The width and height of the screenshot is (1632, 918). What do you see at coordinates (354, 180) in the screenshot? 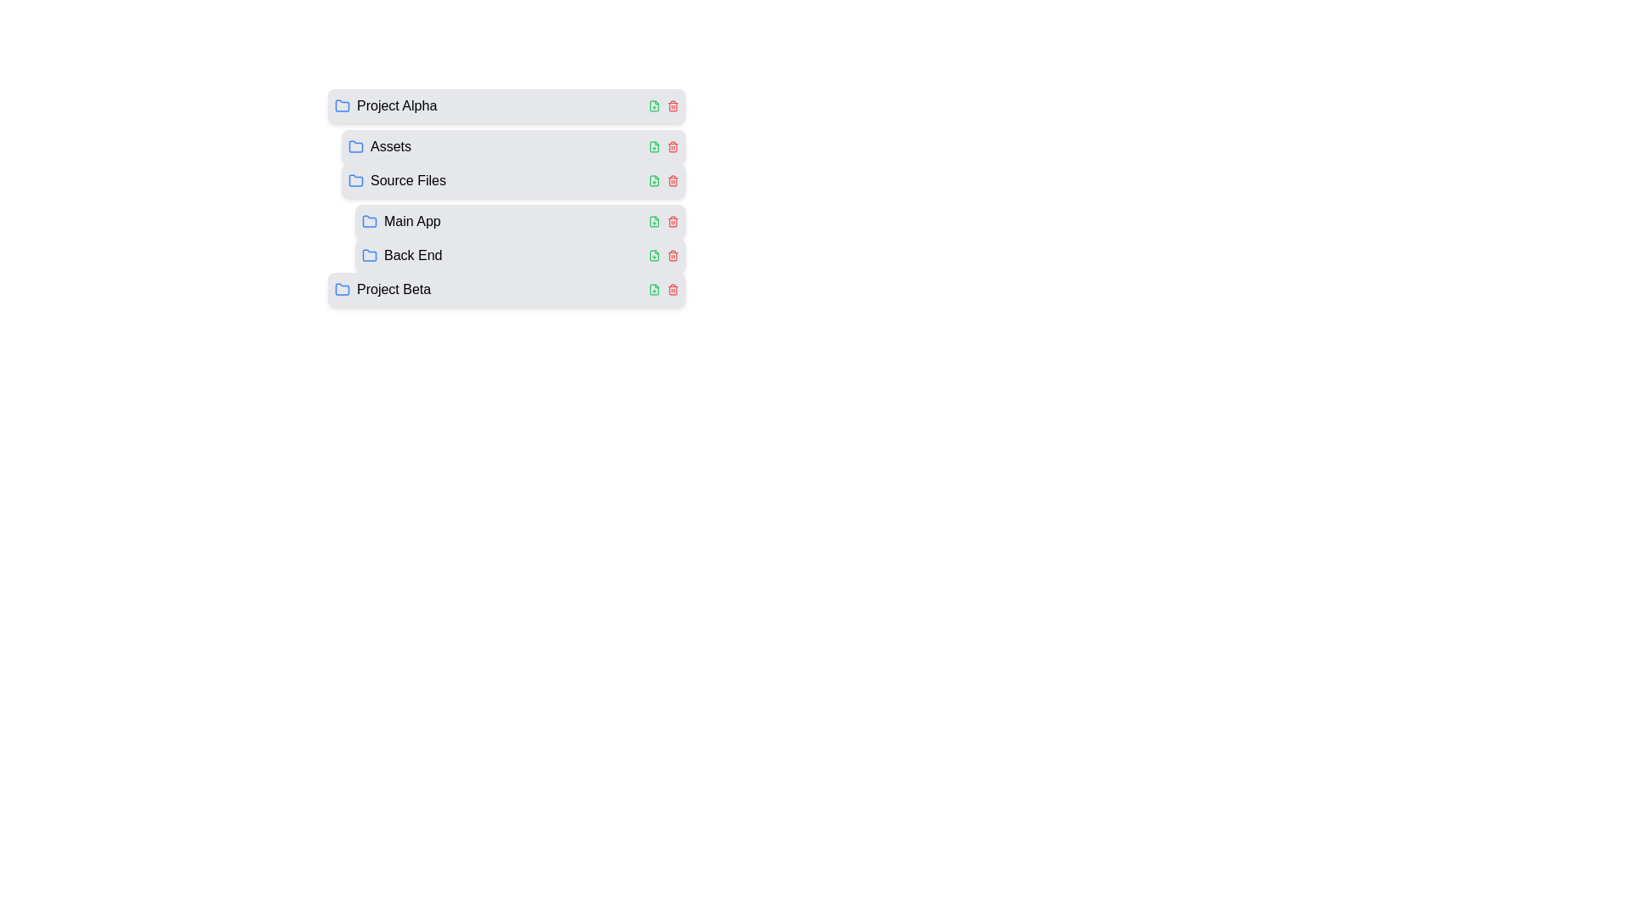
I see `the folder icon that represents categorization in the file management context, which is positioned to the left of the 'Source Files' text label` at bounding box center [354, 180].